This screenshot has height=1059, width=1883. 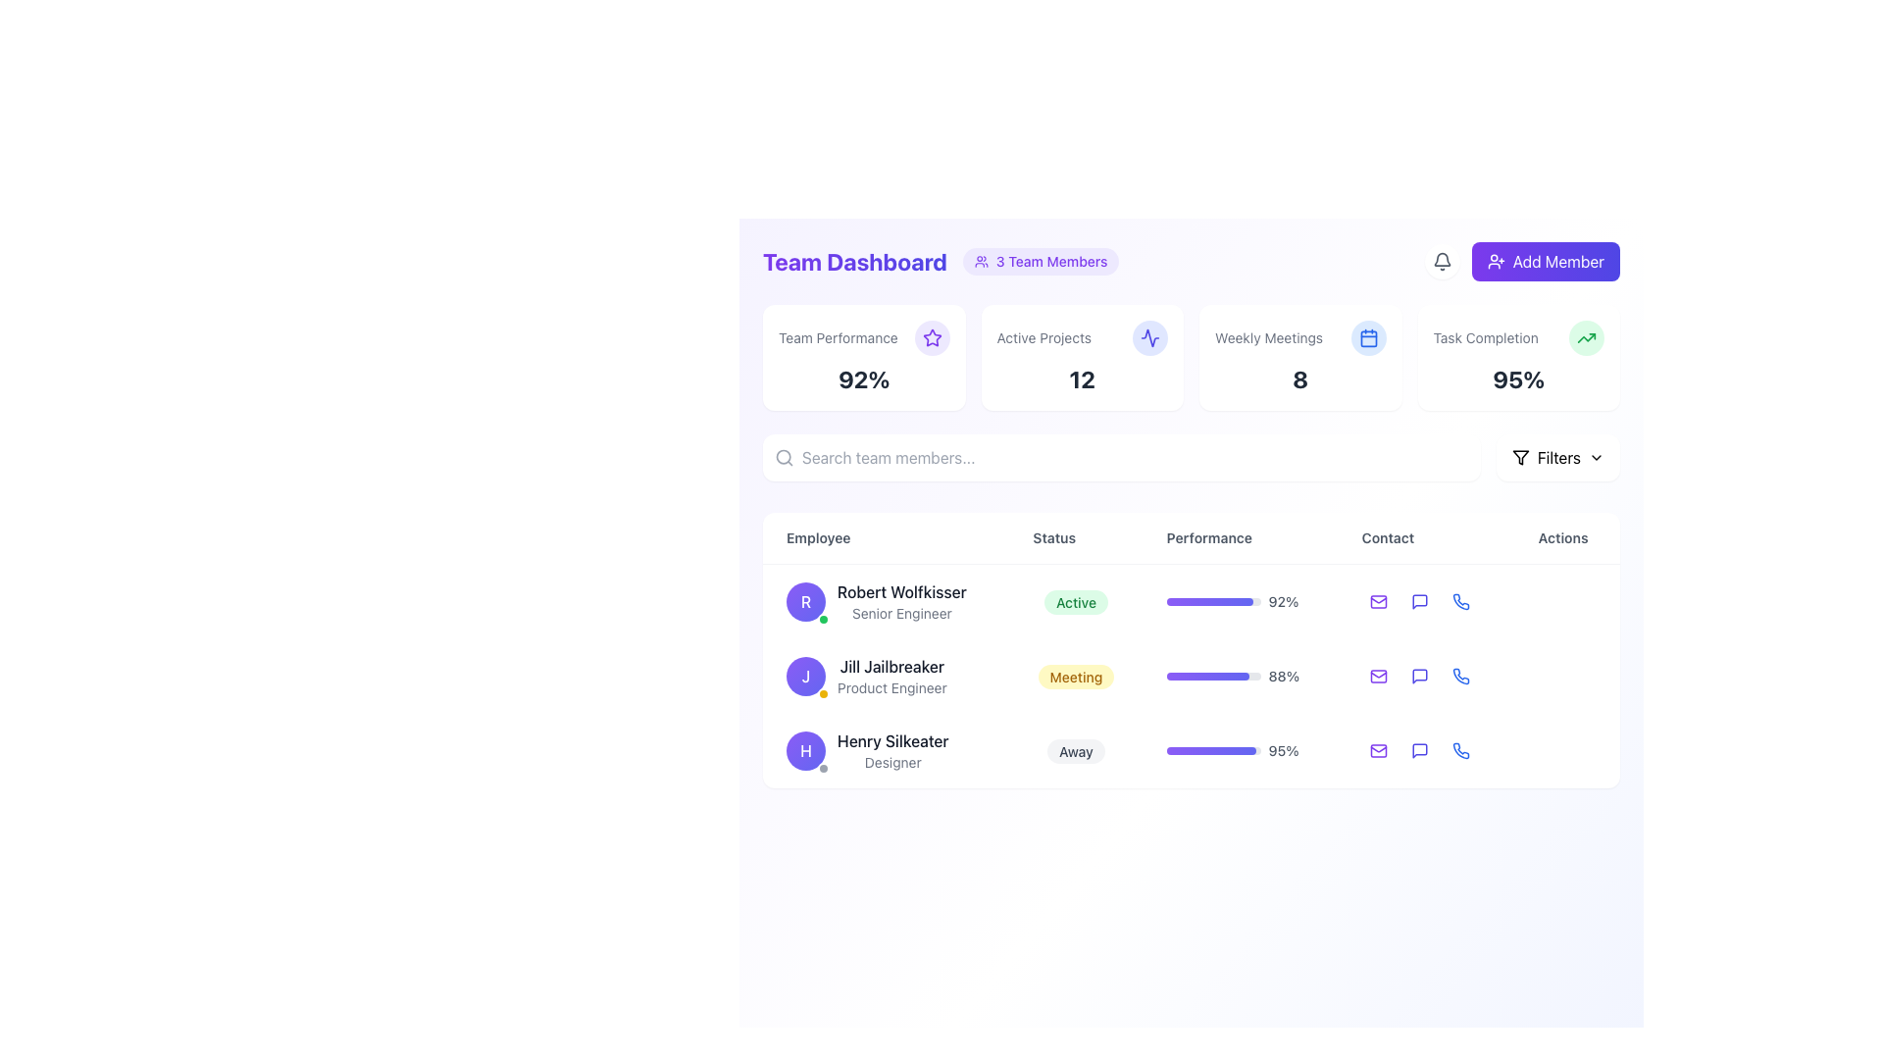 What do you see at coordinates (891, 676) in the screenshot?
I see `text display element that identifies a team member, showing their name and position title, located in the second row under the 'Employee' column of a table layout, below 'Robert Wolfkisser'` at bounding box center [891, 676].